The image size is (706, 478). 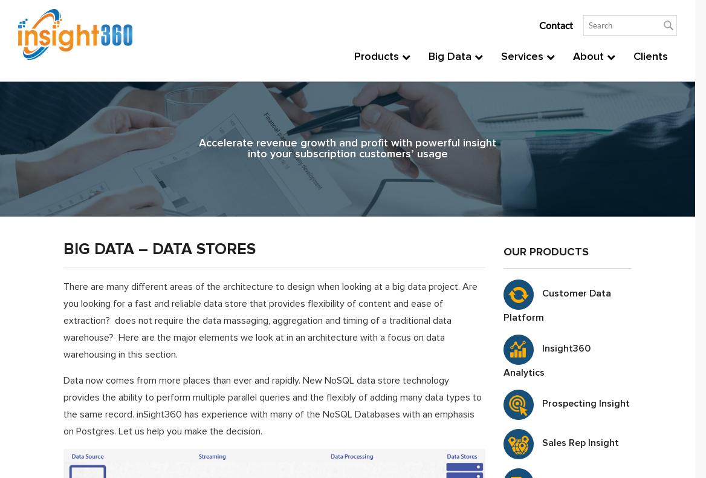 I want to click on 'Analysis', so click(x=519, y=142).